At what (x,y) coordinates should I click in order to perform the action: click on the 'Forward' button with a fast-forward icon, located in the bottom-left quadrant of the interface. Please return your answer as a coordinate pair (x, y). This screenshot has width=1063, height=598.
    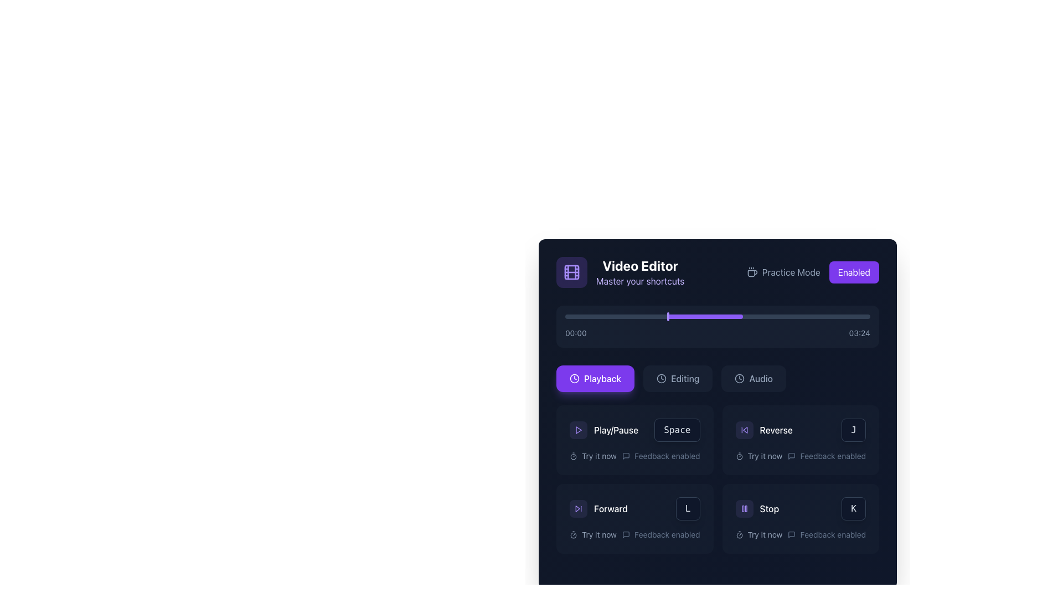
    Looking at the image, I should click on (598, 508).